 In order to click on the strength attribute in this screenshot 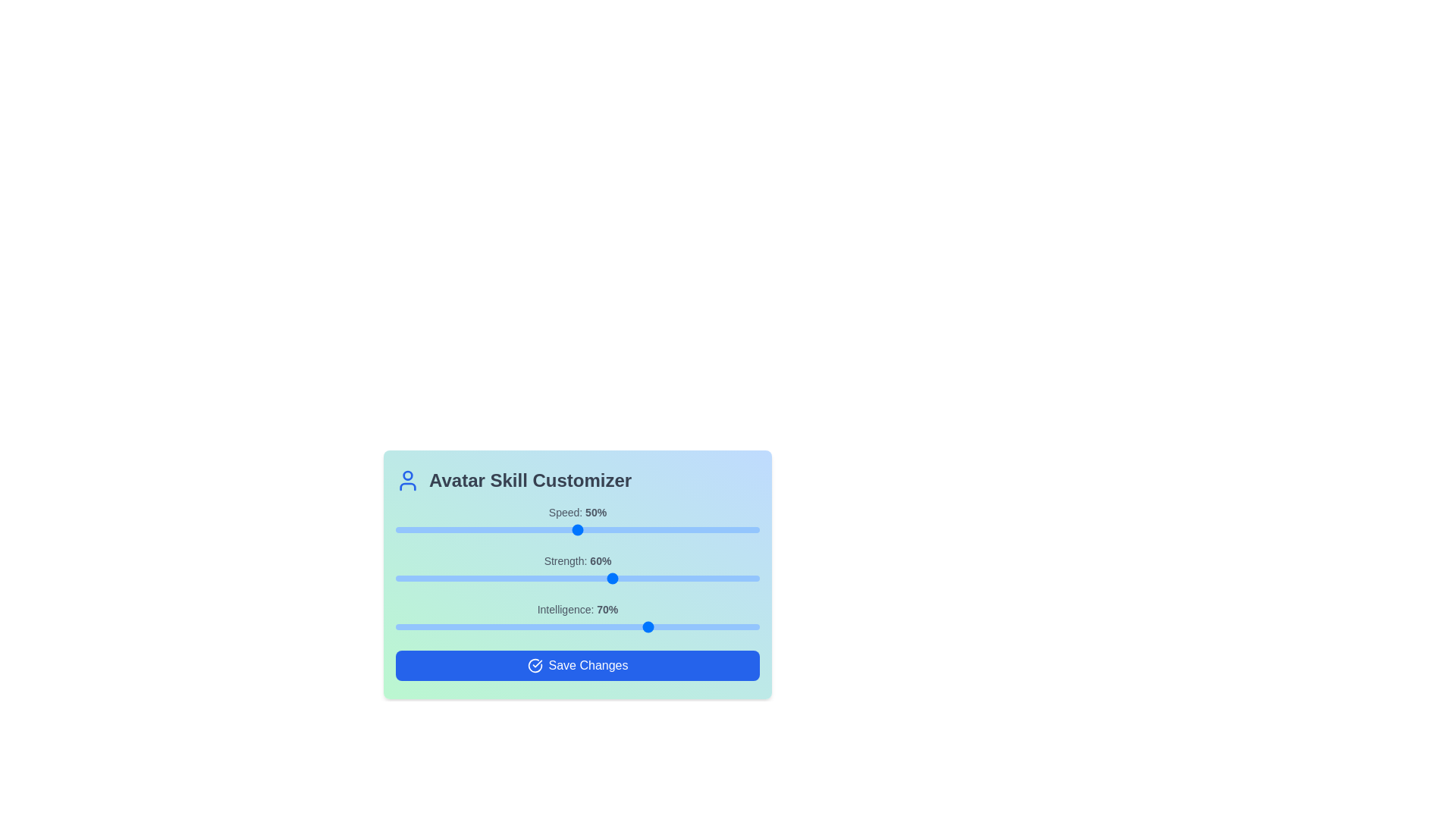, I will do `click(431, 579)`.